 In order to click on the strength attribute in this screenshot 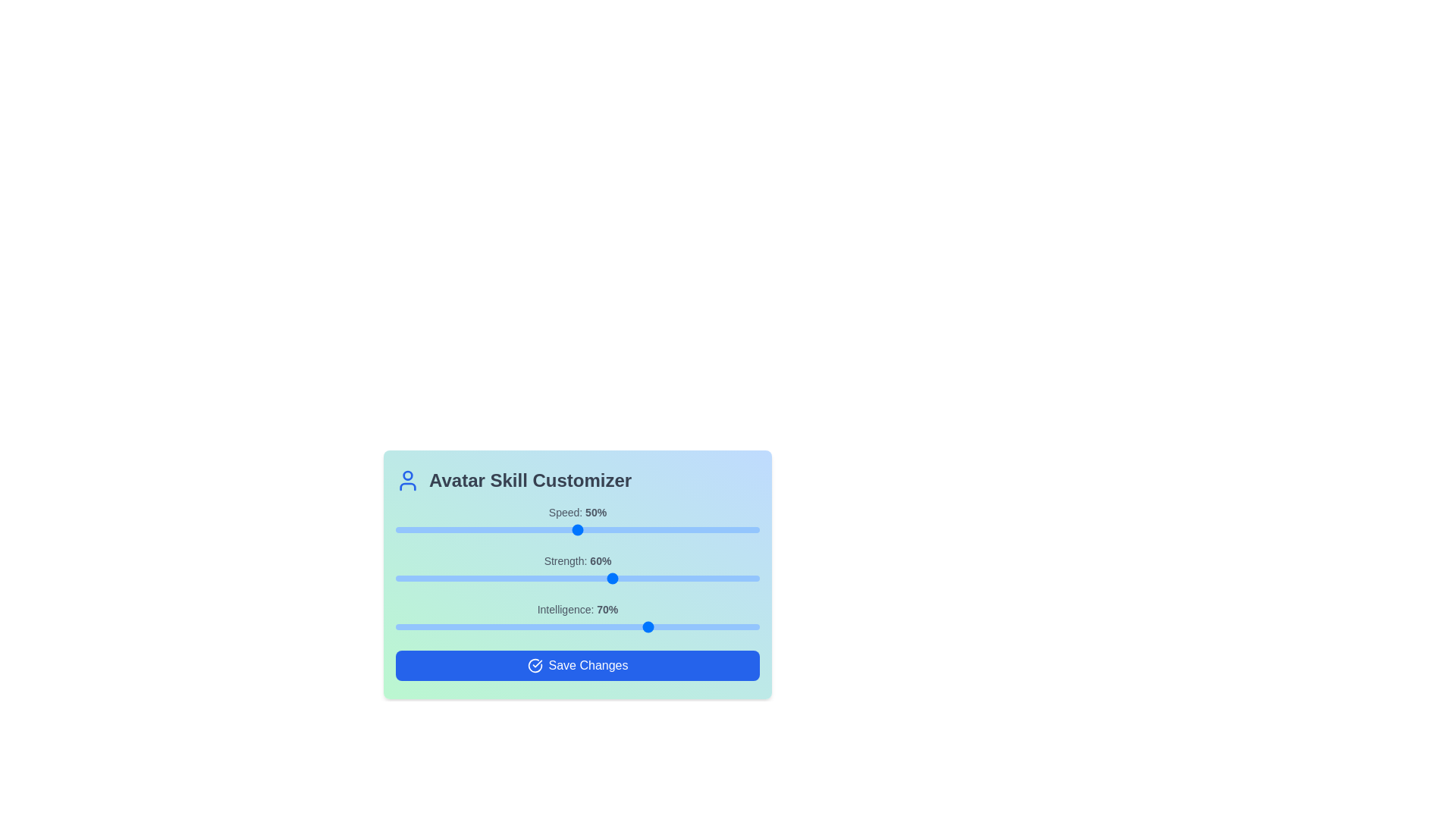, I will do `click(431, 579)`.